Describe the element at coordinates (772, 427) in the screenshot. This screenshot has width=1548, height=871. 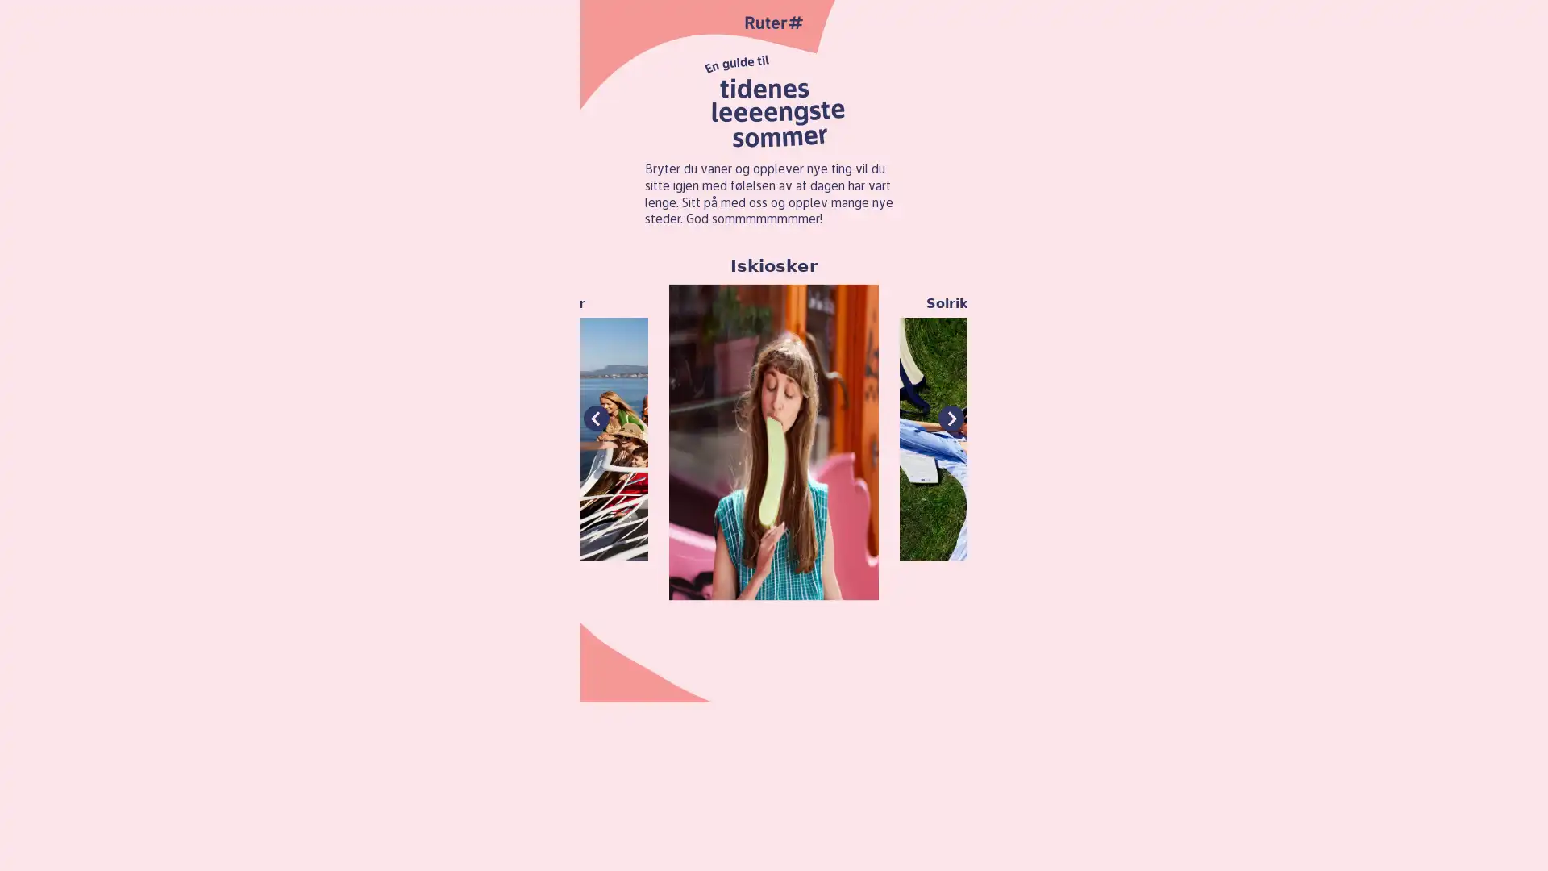
I see `Iskiosker` at that location.